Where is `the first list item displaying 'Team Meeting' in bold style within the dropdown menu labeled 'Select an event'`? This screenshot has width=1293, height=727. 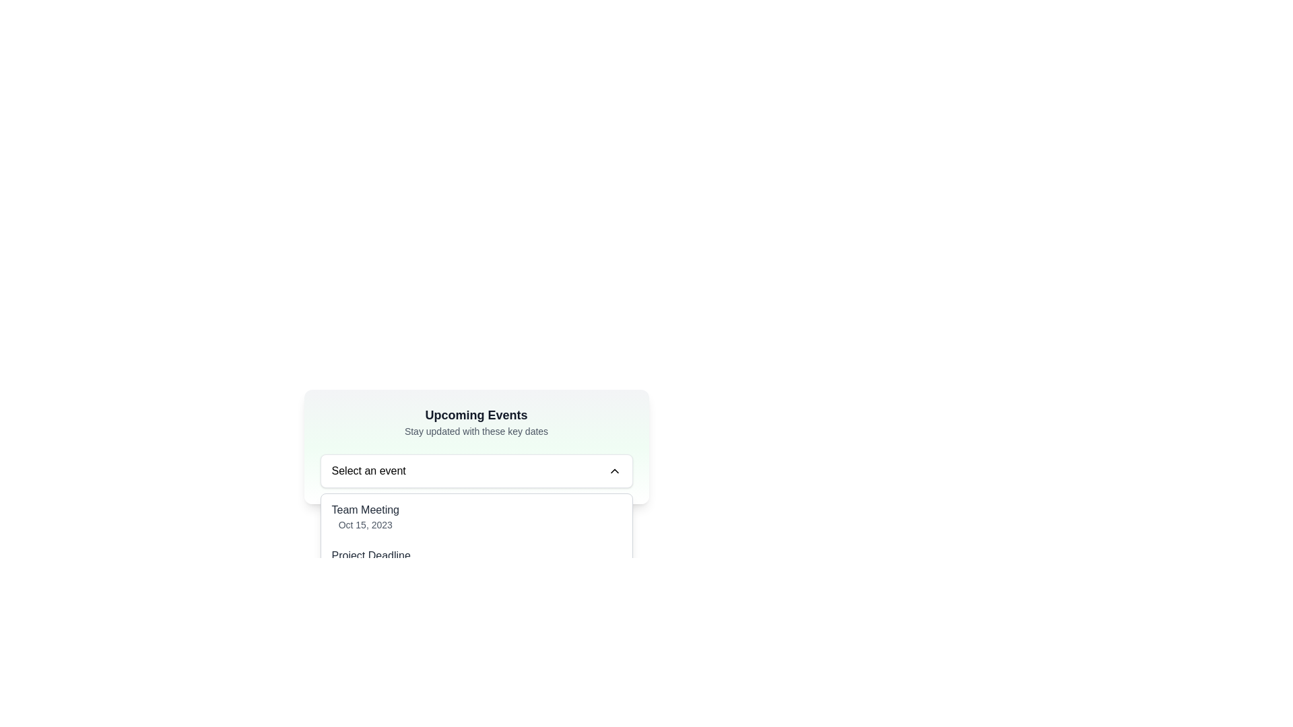
the first list item displaying 'Team Meeting' in bold style within the dropdown menu labeled 'Select an event' is located at coordinates (476, 516).